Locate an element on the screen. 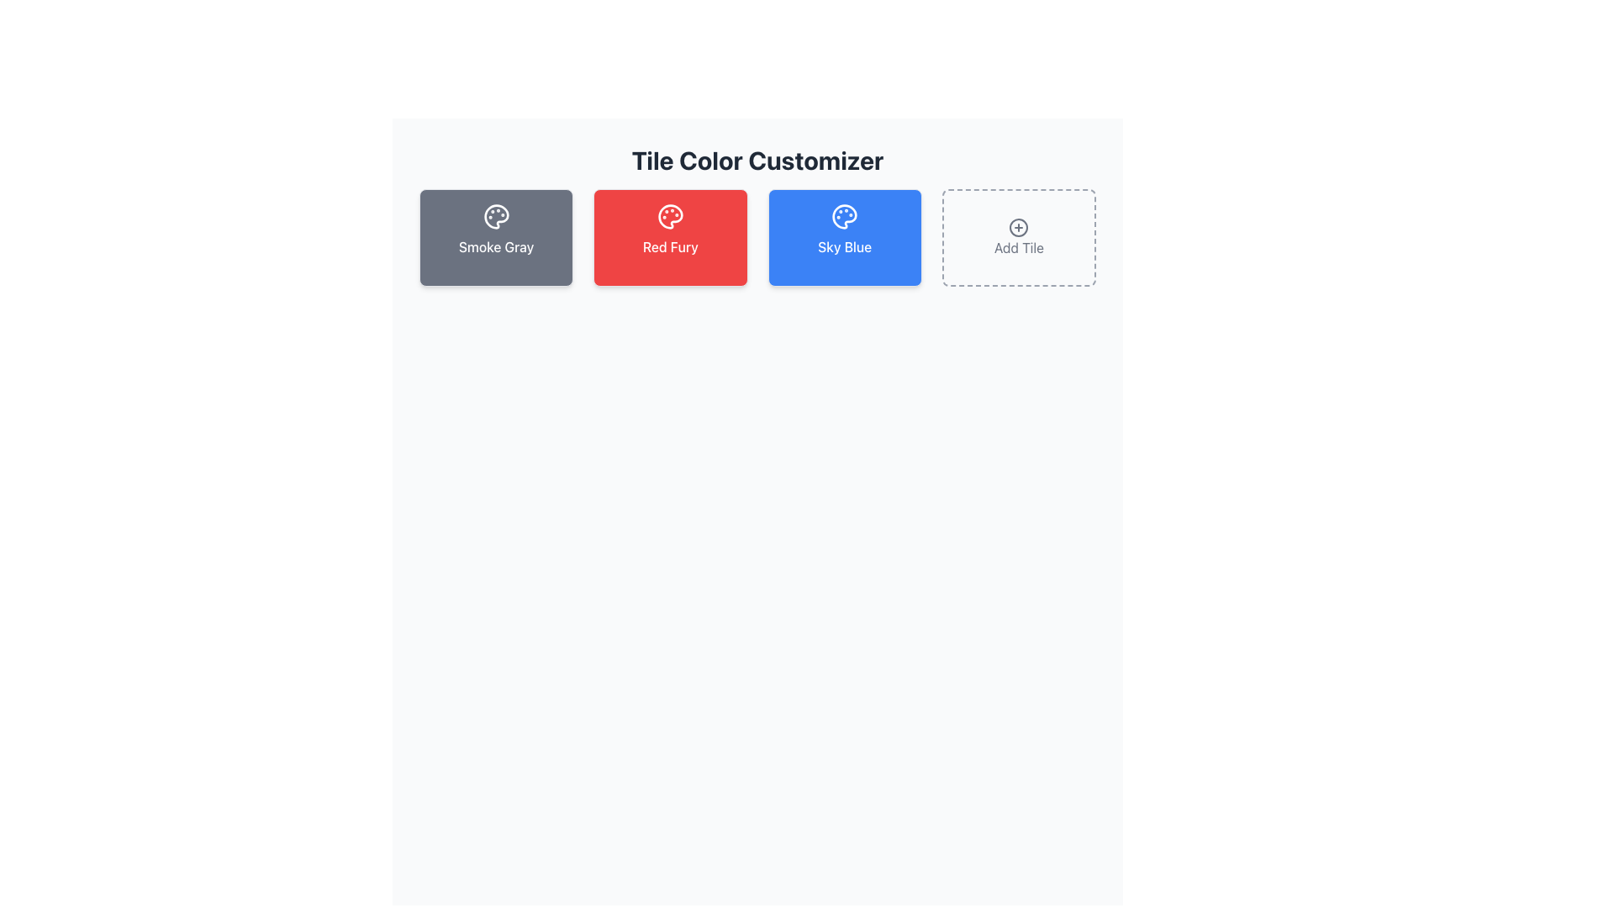 Image resolution: width=1614 pixels, height=908 pixels. the text label that describes the color of the blue tile, which is the third tile in a horizontal arrangement and contains a palette icon above it is located at coordinates (845, 246).